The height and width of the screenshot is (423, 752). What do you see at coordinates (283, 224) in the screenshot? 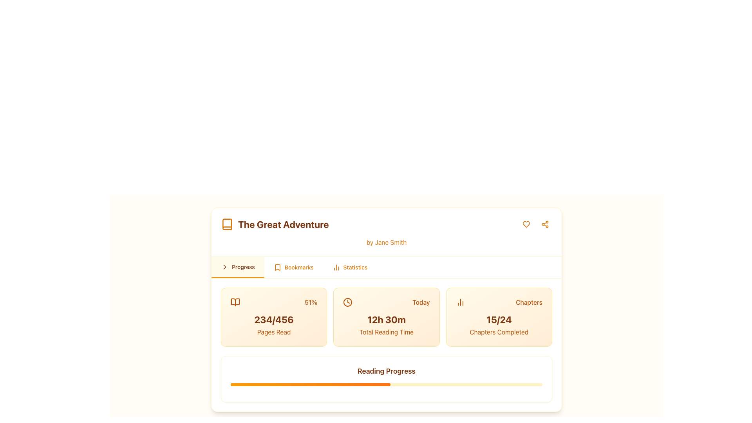
I see `the prominent text title 'The Great Adventure', which is styled in bold and large amber-brown font, located centrally at the upper section of a card-like interface, to the immediate right of a book icon` at bounding box center [283, 224].